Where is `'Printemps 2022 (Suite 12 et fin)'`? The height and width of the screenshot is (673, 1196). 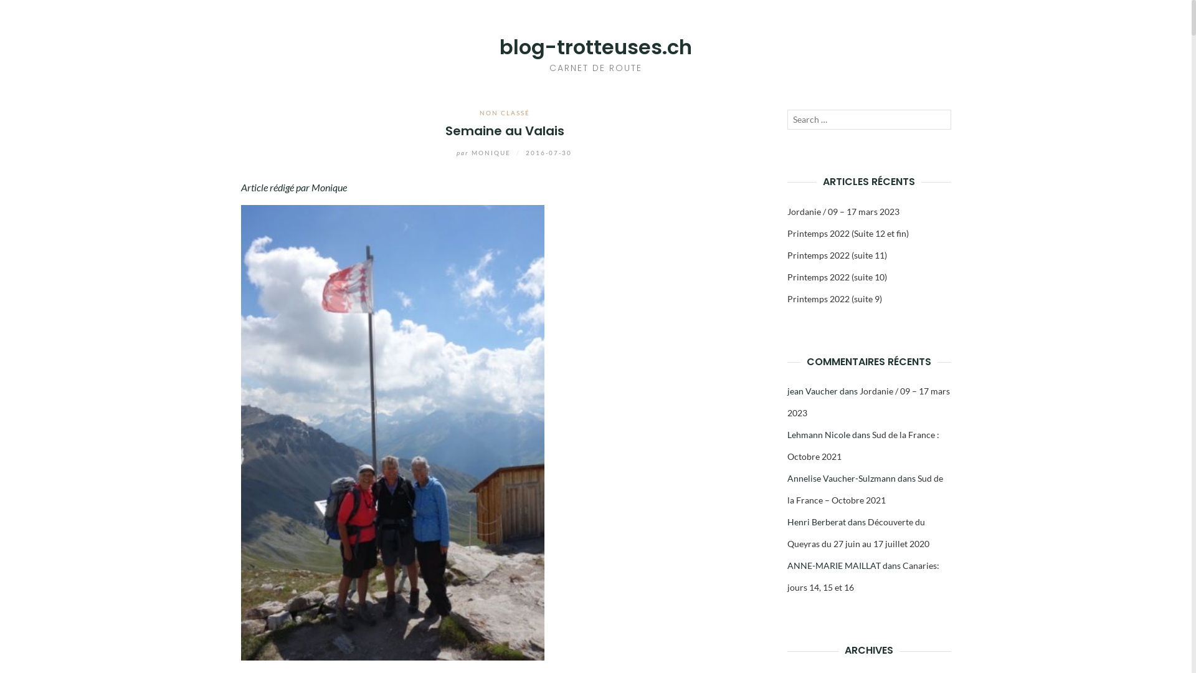 'Printemps 2022 (Suite 12 et fin)' is located at coordinates (847, 233).